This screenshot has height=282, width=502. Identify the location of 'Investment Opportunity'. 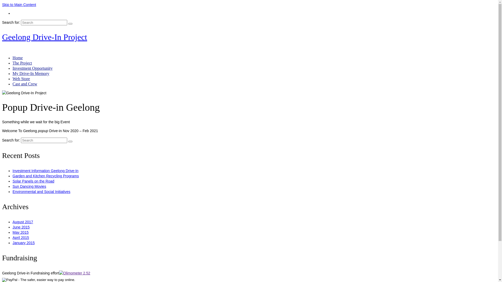
(13, 68).